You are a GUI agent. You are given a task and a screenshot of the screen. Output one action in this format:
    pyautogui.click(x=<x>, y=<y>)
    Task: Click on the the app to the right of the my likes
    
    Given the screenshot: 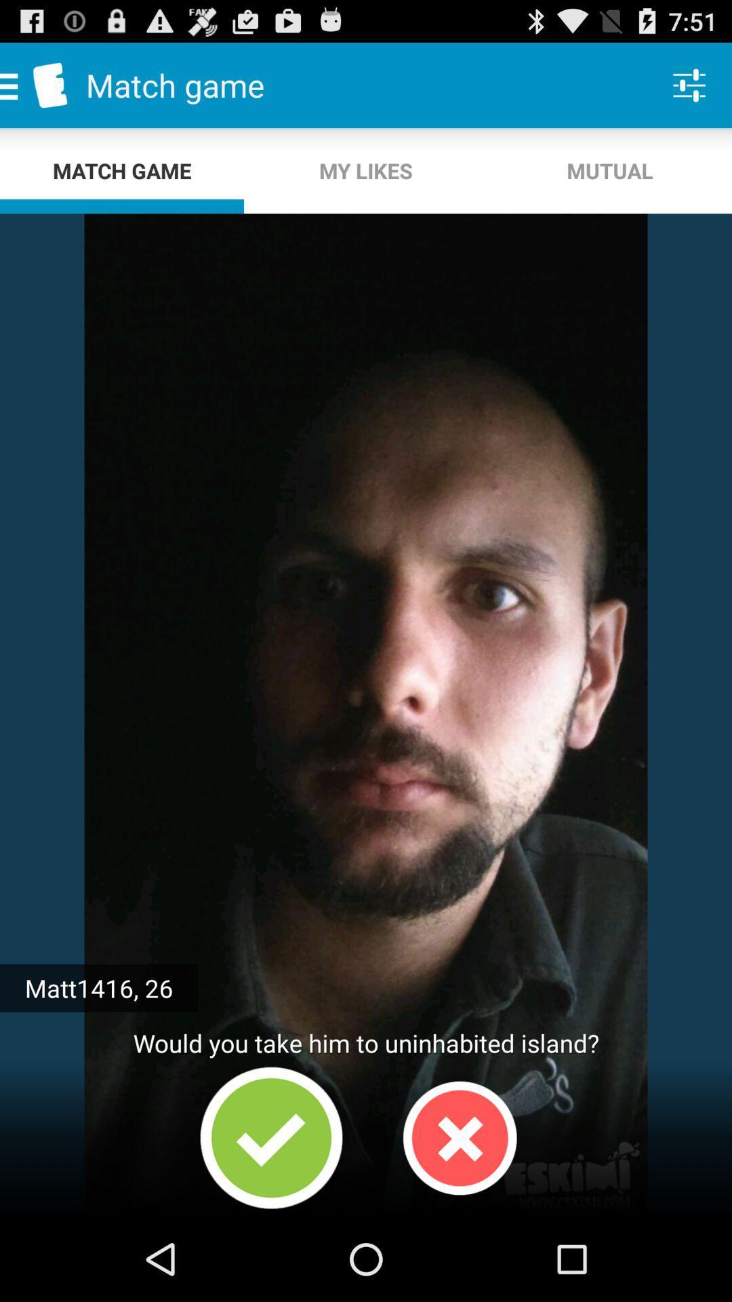 What is the action you would take?
    pyautogui.click(x=689, y=84)
    